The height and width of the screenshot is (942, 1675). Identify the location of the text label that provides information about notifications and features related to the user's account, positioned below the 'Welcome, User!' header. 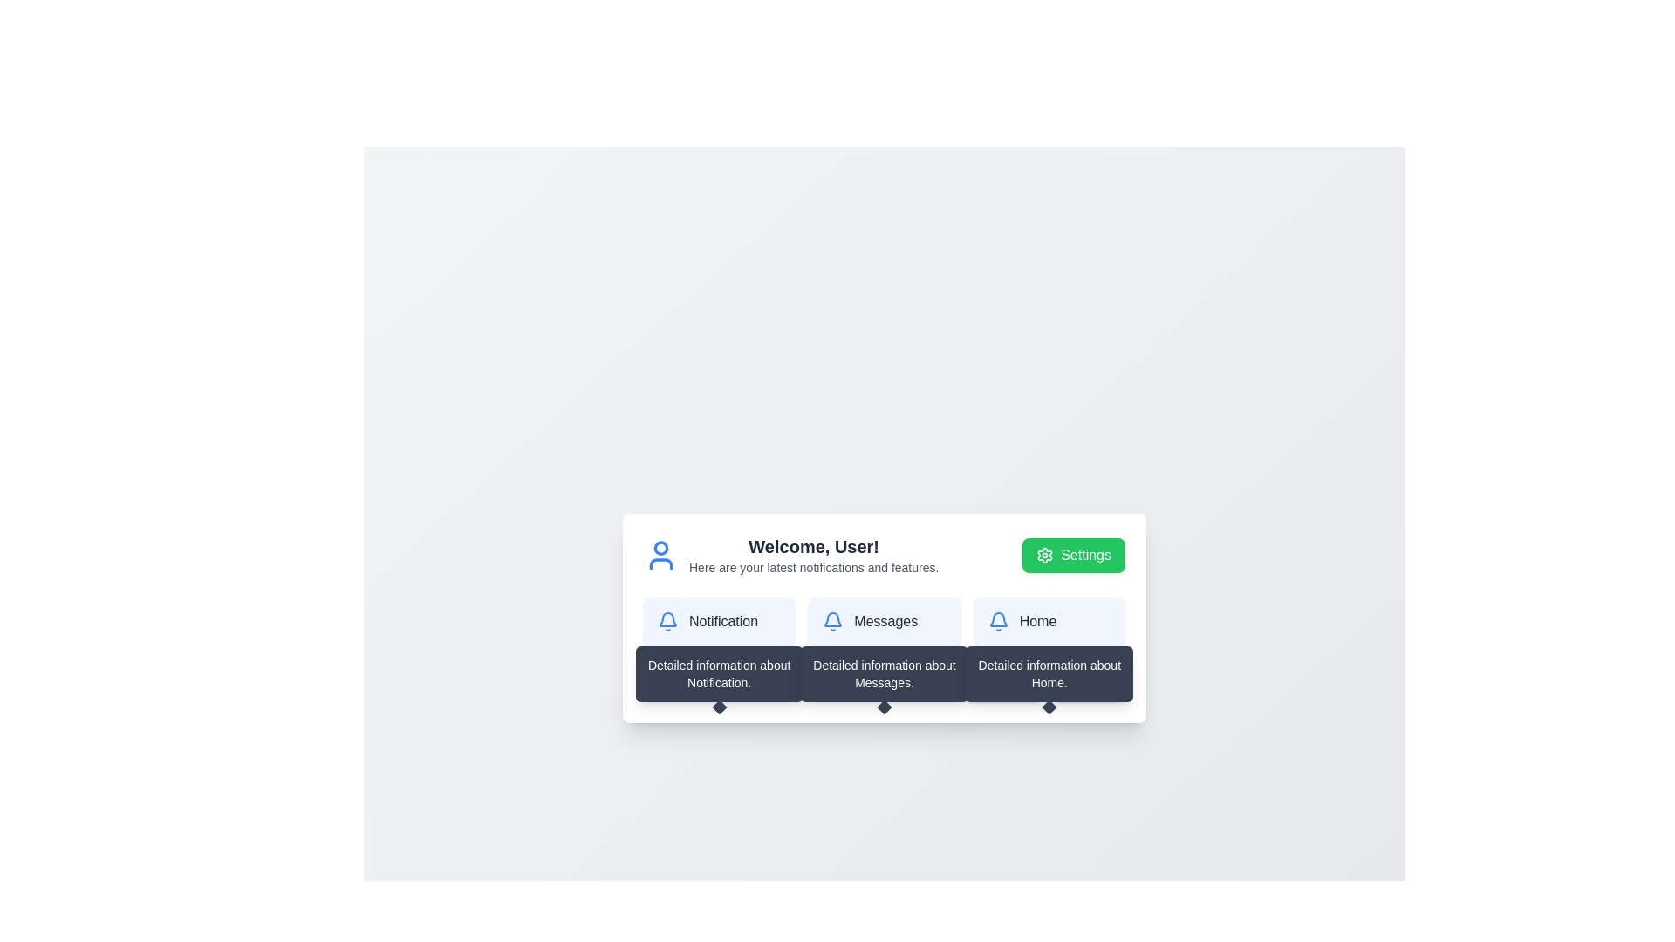
(813, 568).